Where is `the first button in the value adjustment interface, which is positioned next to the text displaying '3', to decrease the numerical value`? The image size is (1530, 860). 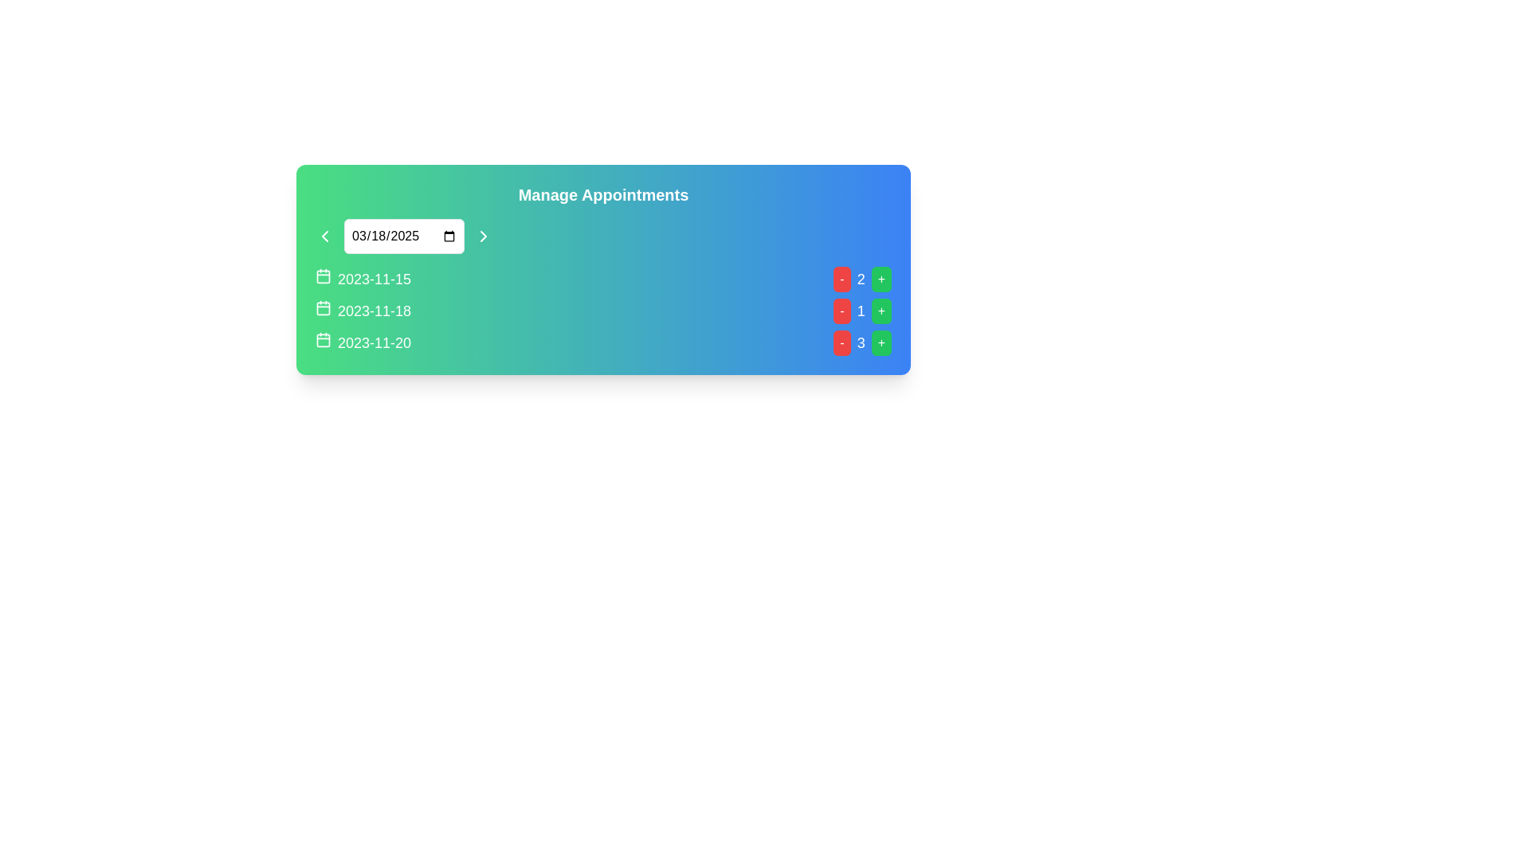 the first button in the value adjustment interface, which is positioned next to the text displaying '3', to decrease the numerical value is located at coordinates (841, 342).